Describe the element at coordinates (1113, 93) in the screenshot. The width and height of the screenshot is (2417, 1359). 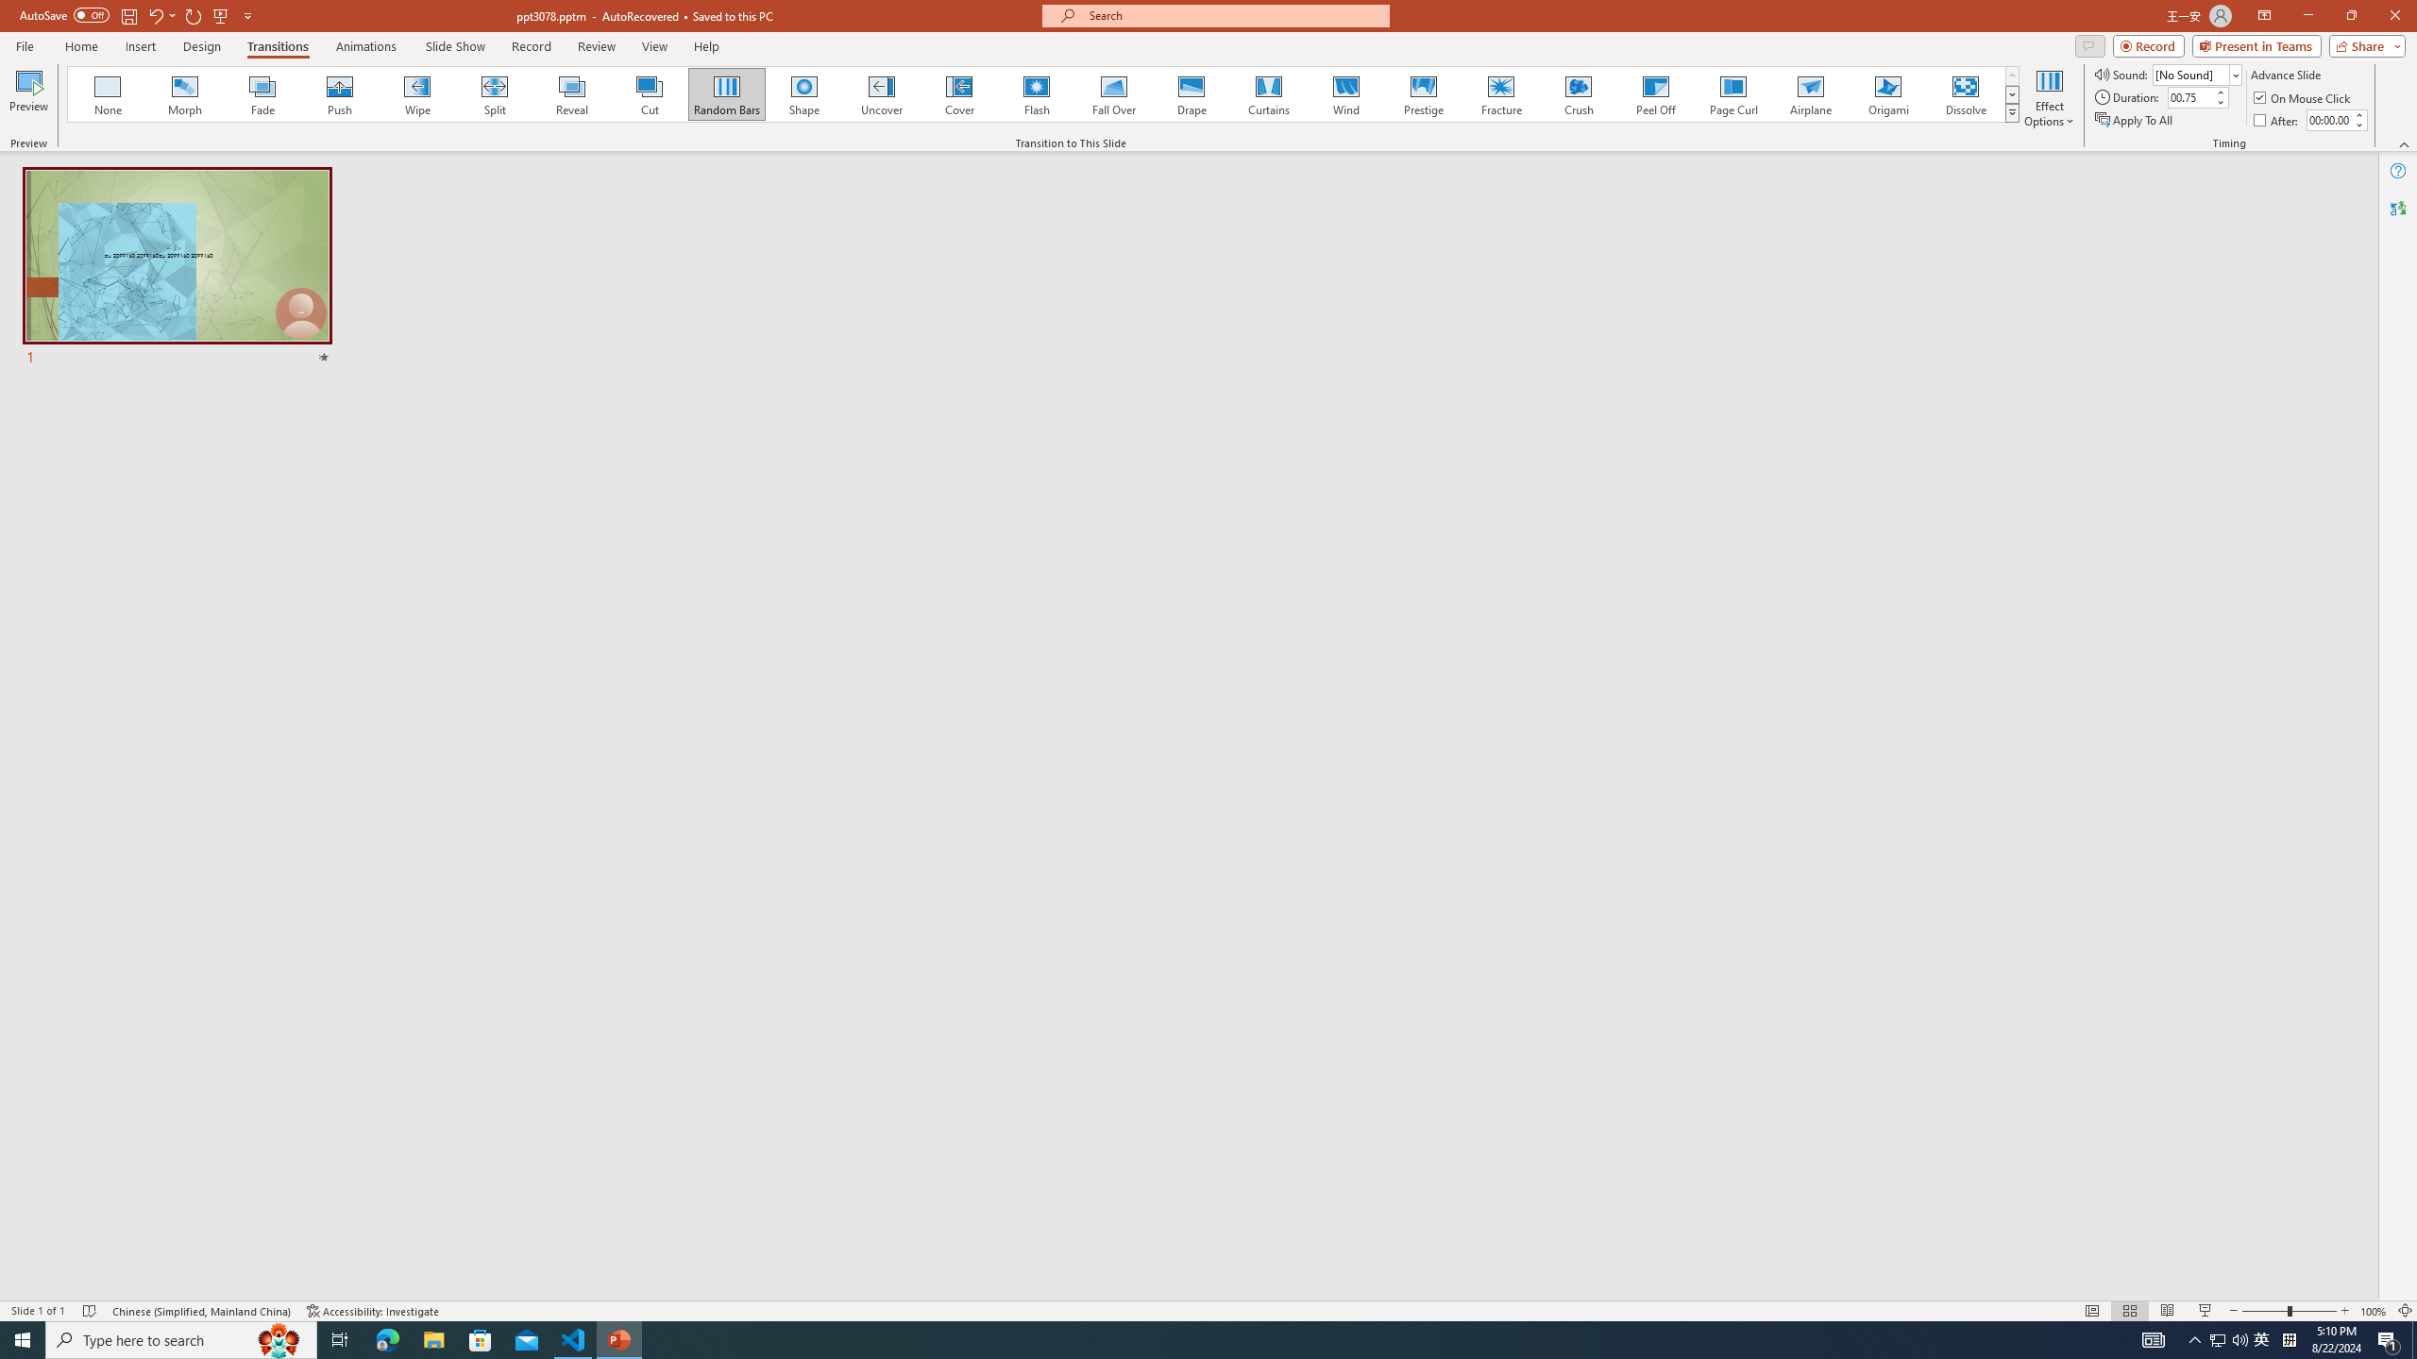
I see `'Fall Over'` at that location.